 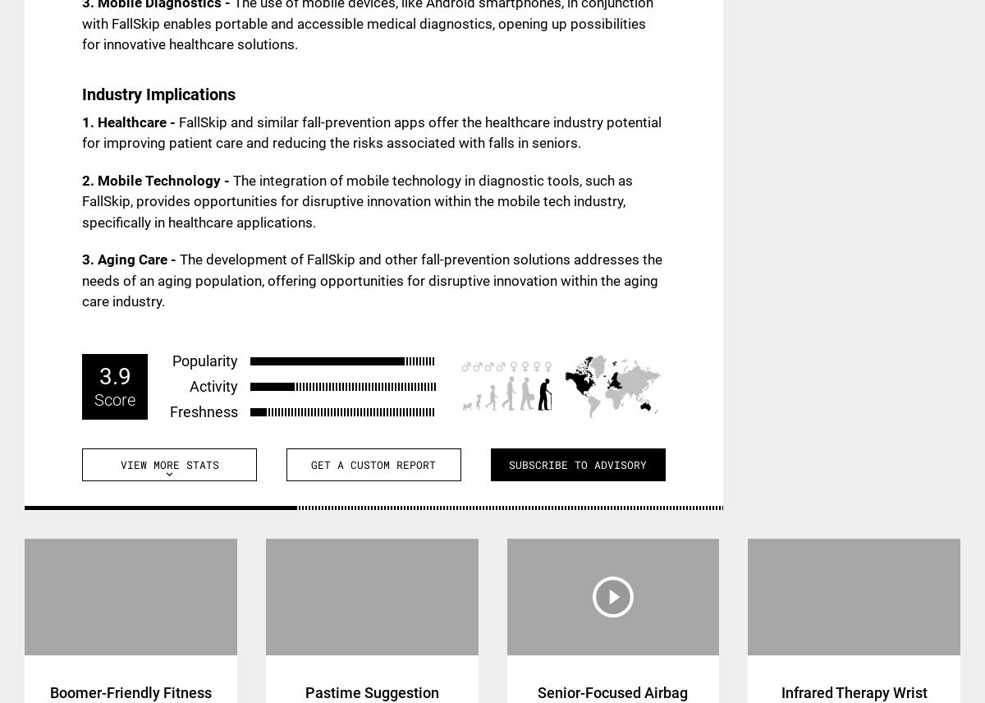 What do you see at coordinates (94, 398) in the screenshot?
I see `'Score'` at bounding box center [94, 398].